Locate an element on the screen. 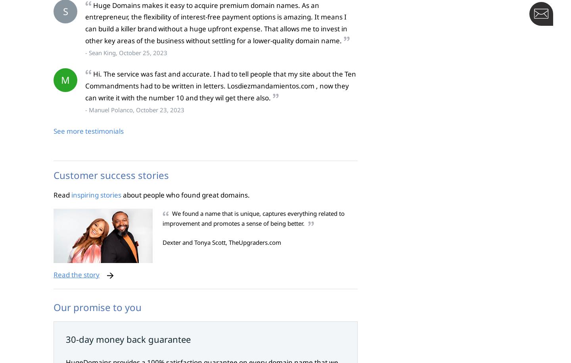  '- Sean King, October 25, 2023' is located at coordinates (85, 52).